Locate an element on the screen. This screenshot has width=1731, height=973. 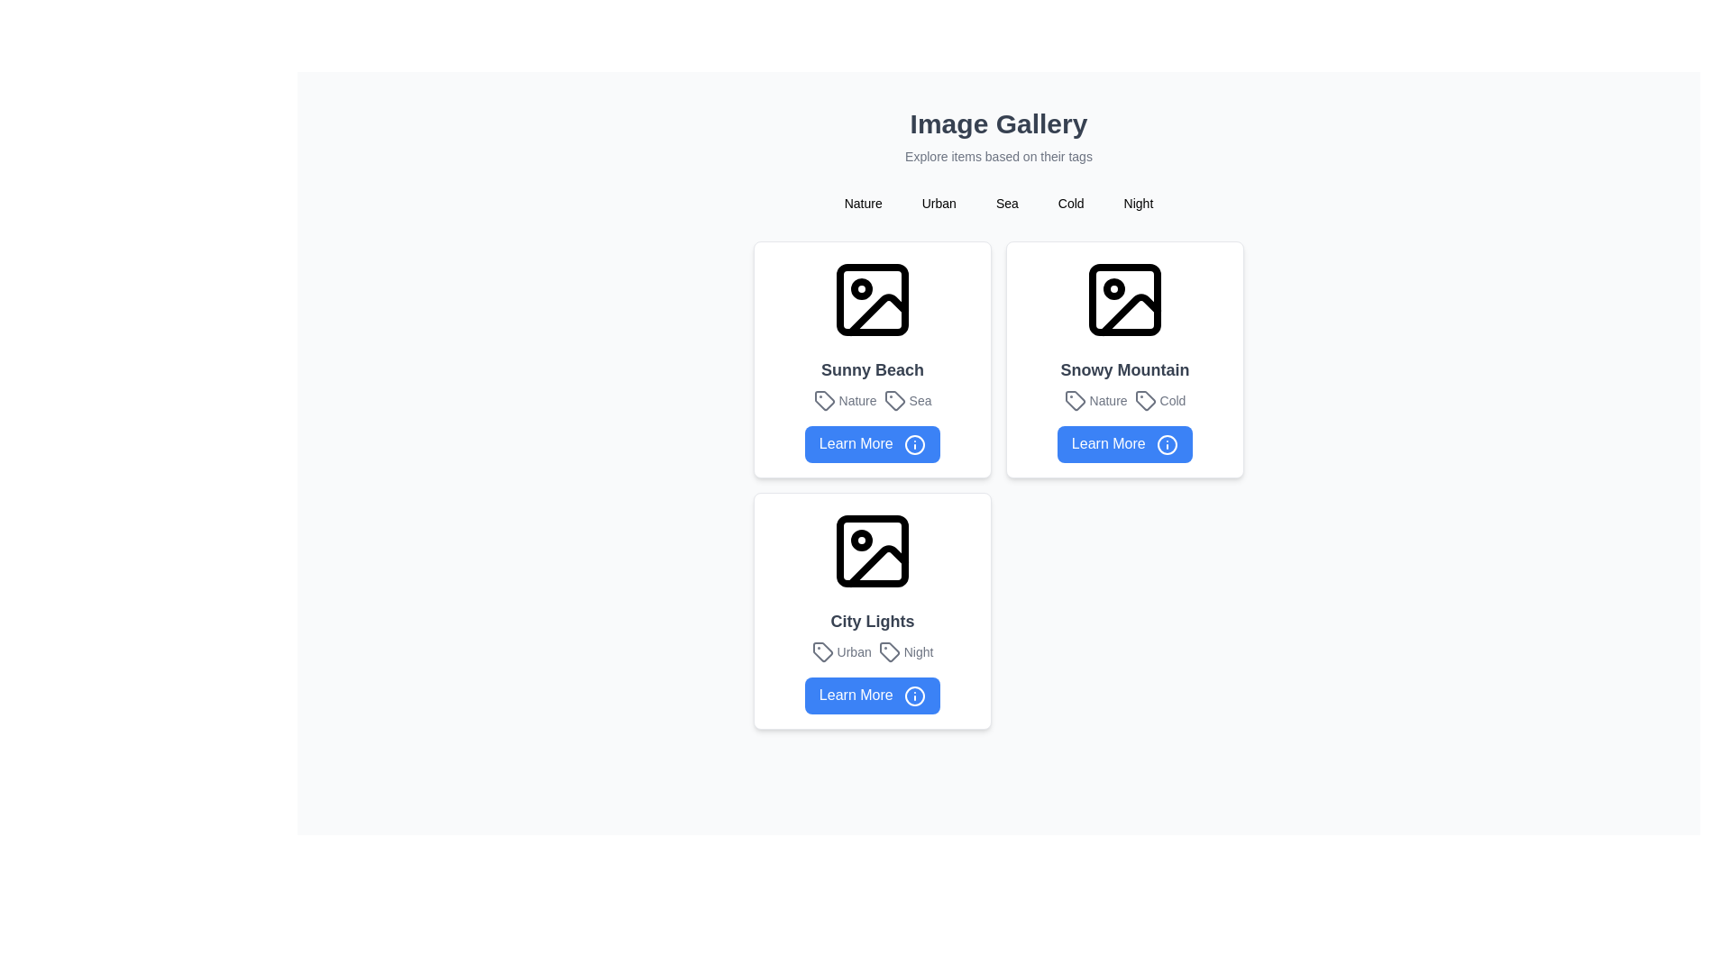
the 'Cold' category icon representing the 'Snowy Mountain' item is located at coordinates (1144, 399).